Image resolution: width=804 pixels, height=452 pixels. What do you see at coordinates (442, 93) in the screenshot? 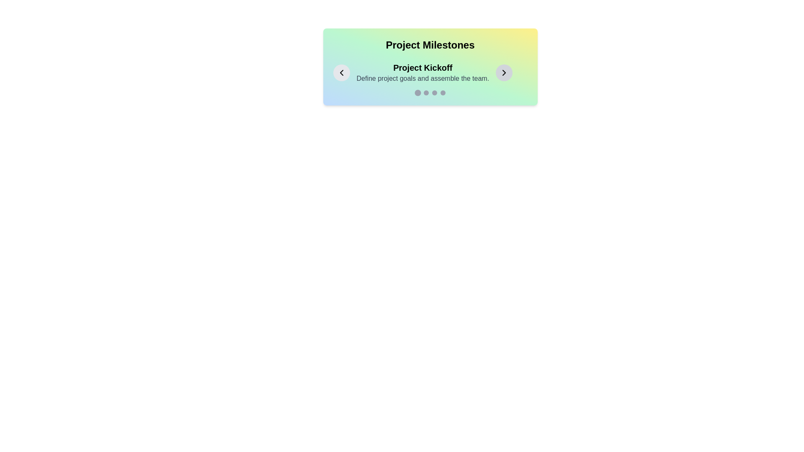
I see `the fourth circular pagination dot with a gray background, positioned in a sequence of similar indicators beneath a descriptive text section` at bounding box center [442, 93].